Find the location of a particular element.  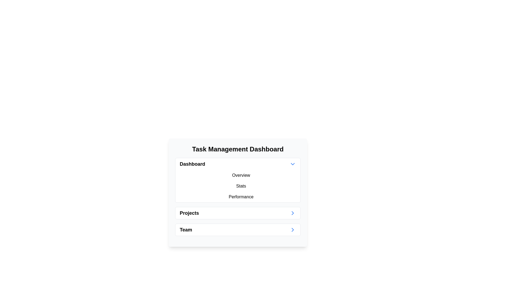

bold header text 'Task Management Dashboard' located at the top of the card to understand the section's purpose is located at coordinates (238, 149).